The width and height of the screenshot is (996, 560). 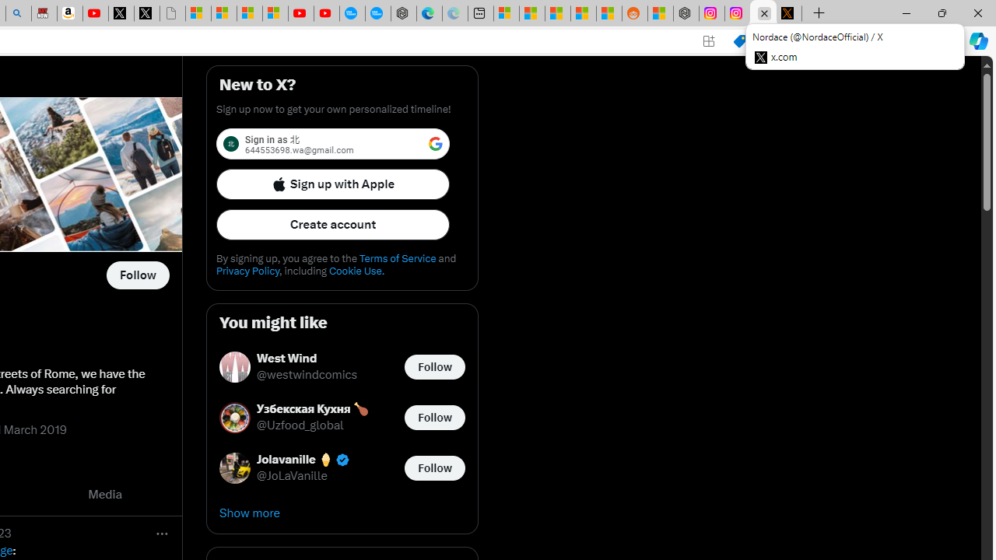 What do you see at coordinates (397, 257) in the screenshot?
I see `'Terms of Service'` at bounding box center [397, 257].